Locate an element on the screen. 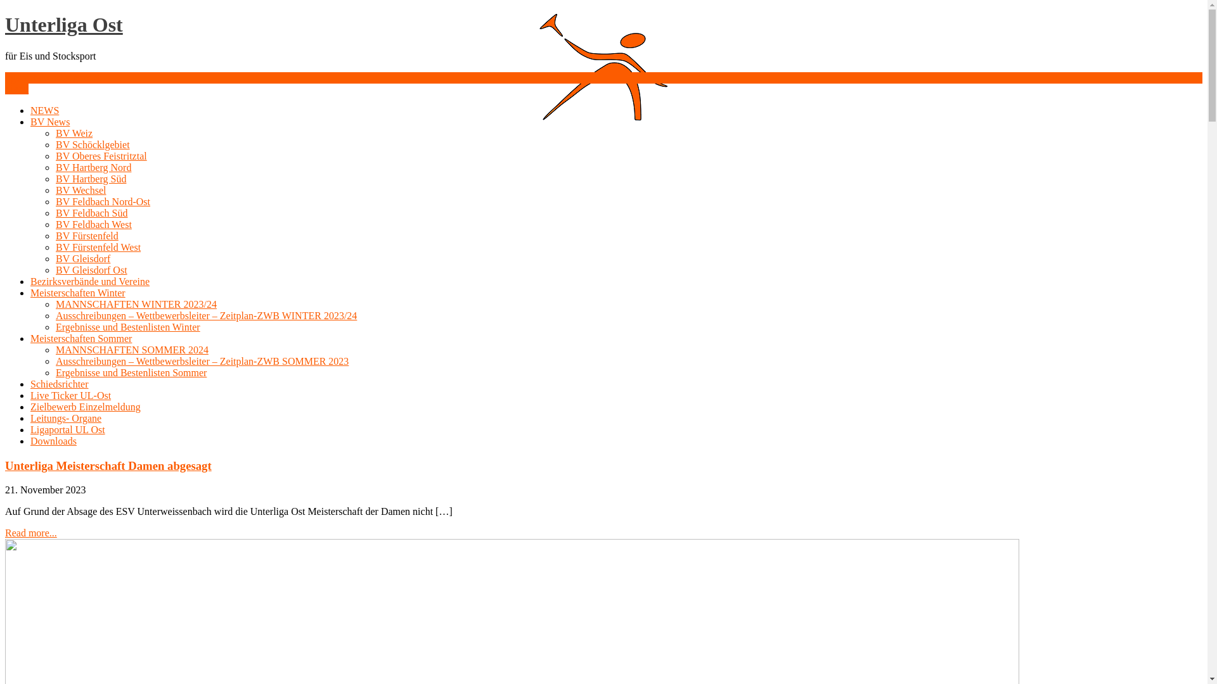  'Leitungs- Organe' is located at coordinates (30, 418).